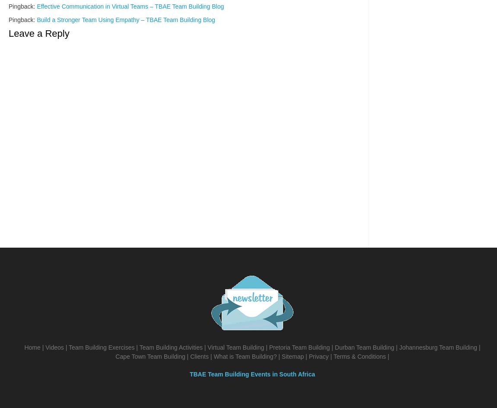 The height and width of the screenshot is (408, 497). What do you see at coordinates (45, 347) in the screenshot?
I see `'Videos'` at bounding box center [45, 347].